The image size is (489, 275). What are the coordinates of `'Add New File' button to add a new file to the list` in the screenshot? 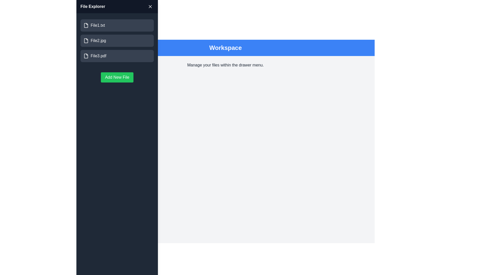 It's located at (117, 77).